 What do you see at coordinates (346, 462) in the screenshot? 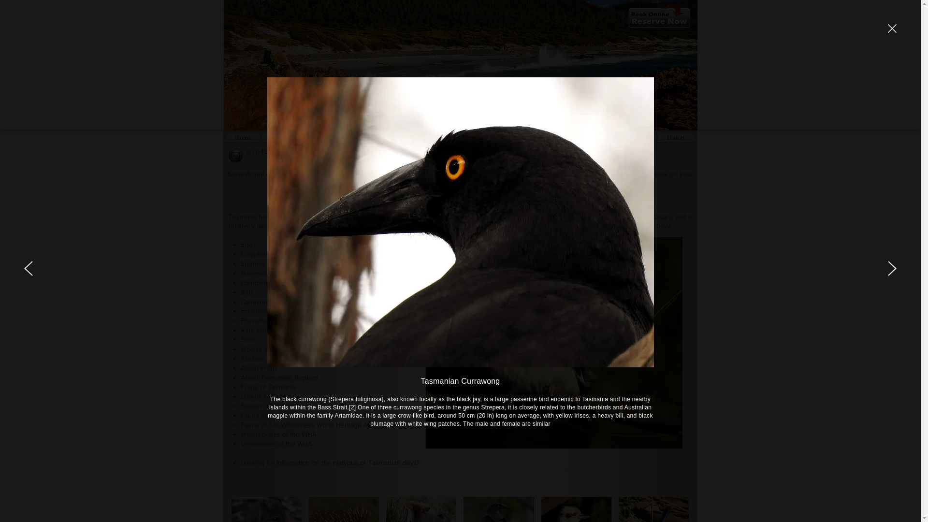
I see `'platypus'` at bounding box center [346, 462].